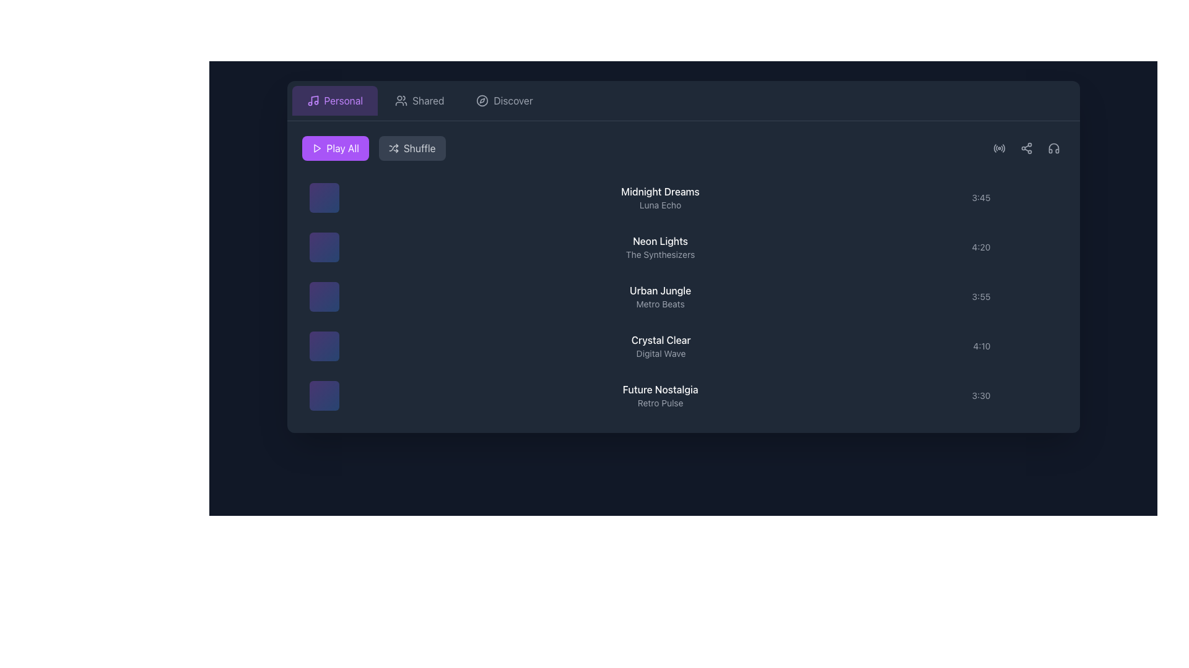 The height and width of the screenshot is (668, 1189). Describe the element at coordinates (1026, 147) in the screenshot. I see `the middle Share icon button located in the top-right corner of the interface to invoke the share functionality` at that location.